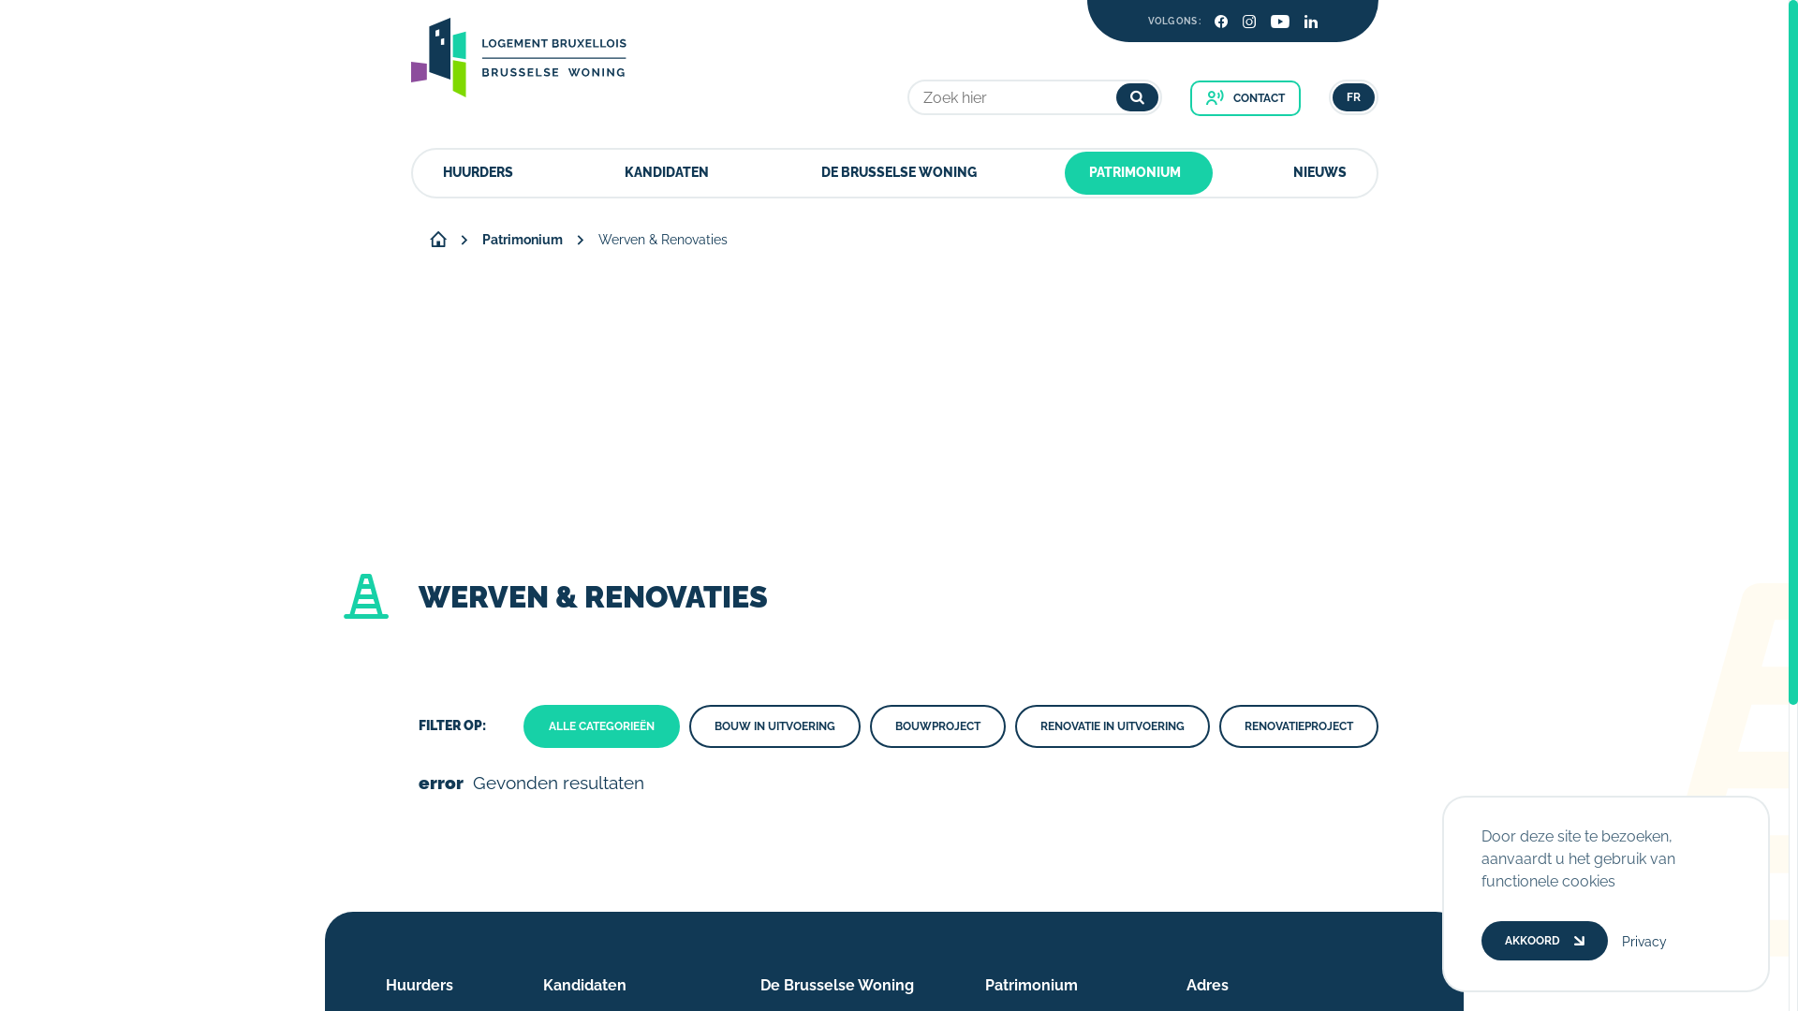  What do you see at coordinates (1218, 725) in the screenshot?
I see `'RENOVATIEPROJECT'` at bounding box center [1218, 725].